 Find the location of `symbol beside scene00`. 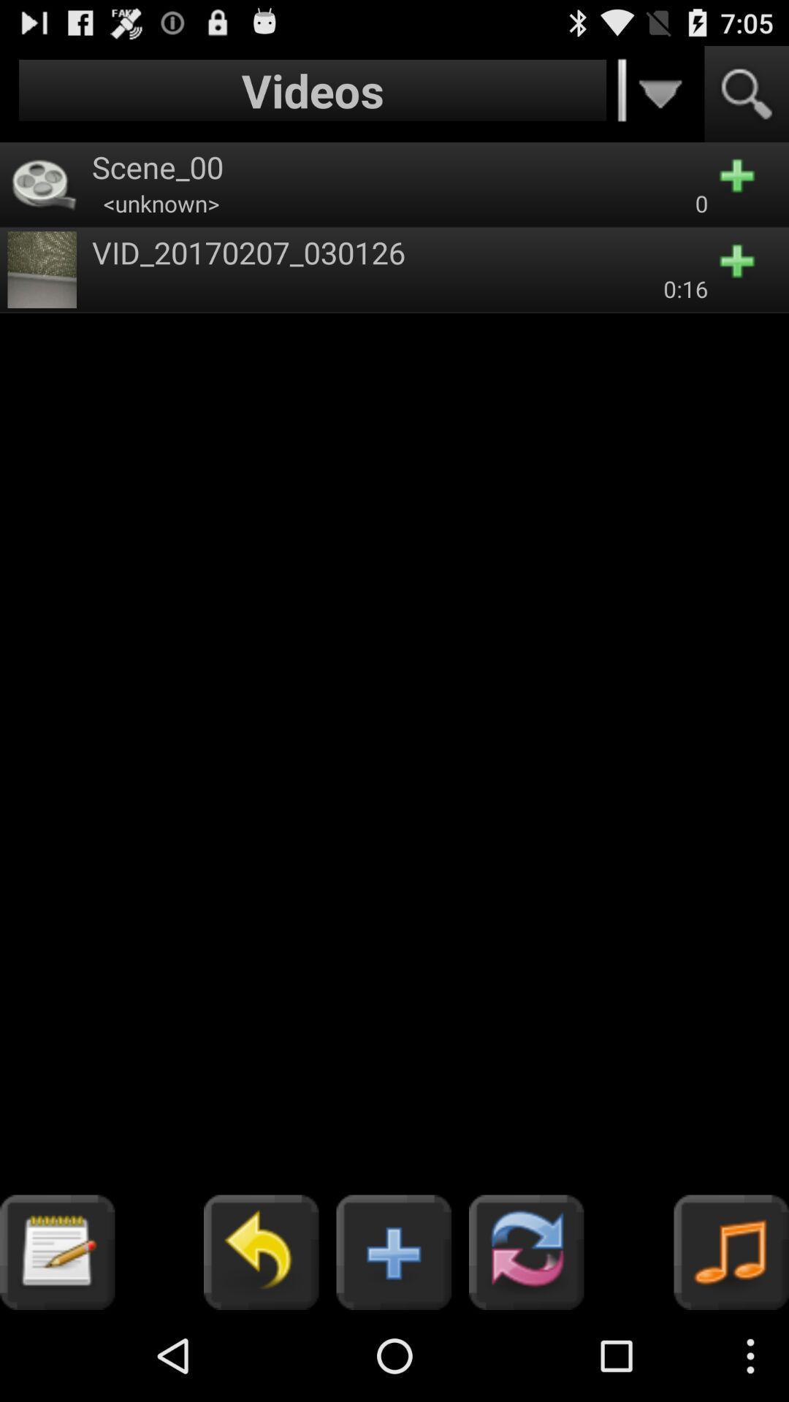

symbol beside scene00 is located at coordinates (41, 183).